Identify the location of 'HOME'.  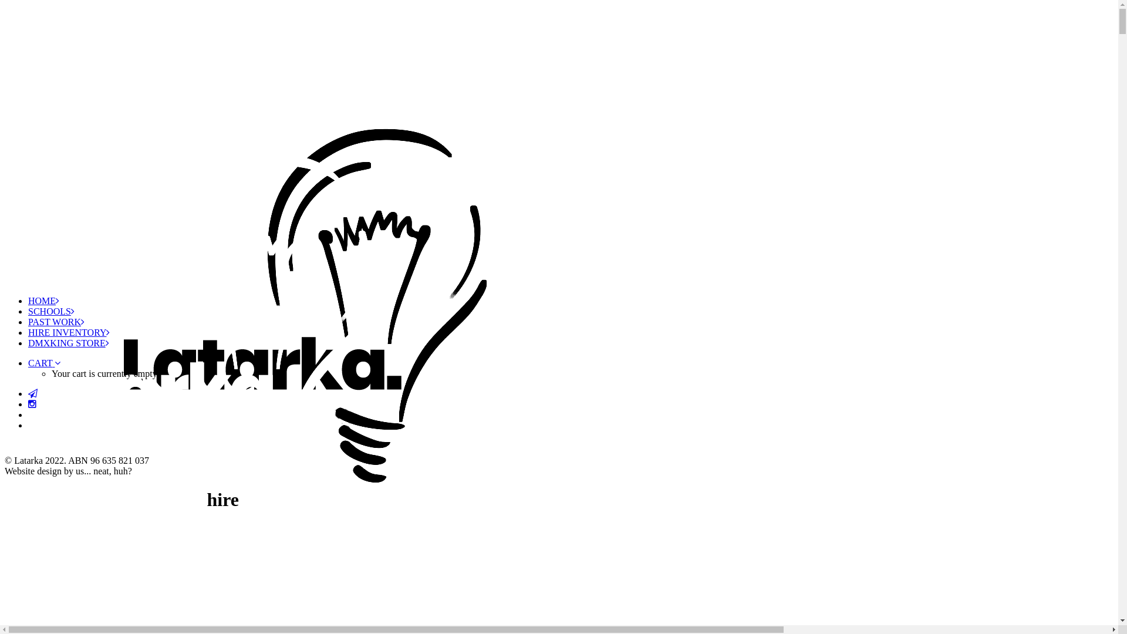
(43, 300).